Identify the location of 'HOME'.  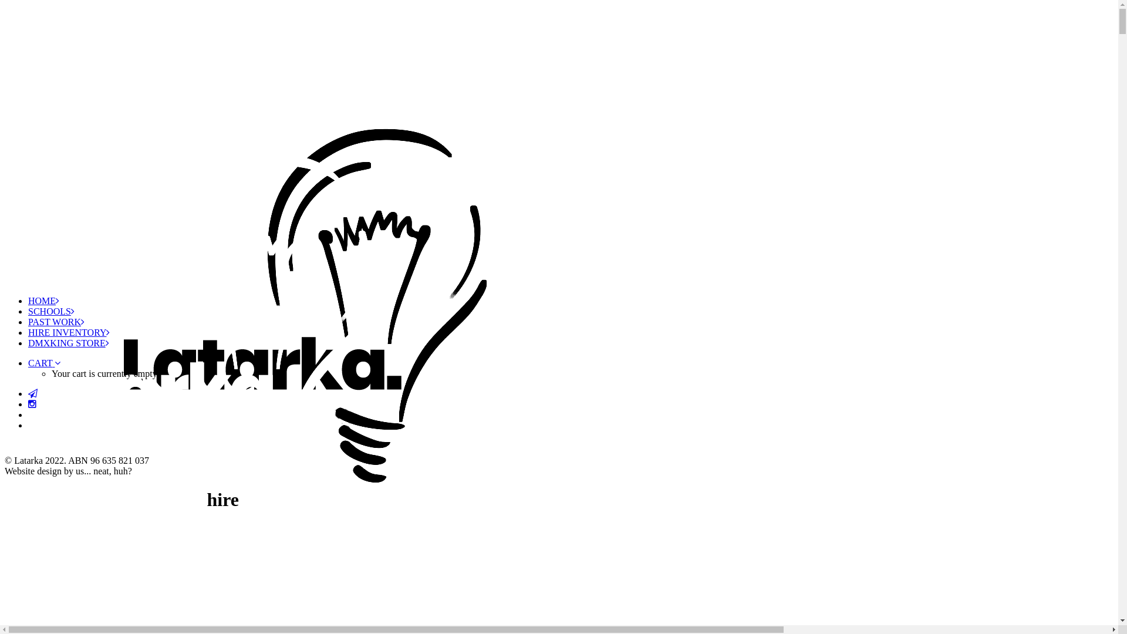
(43, 300).